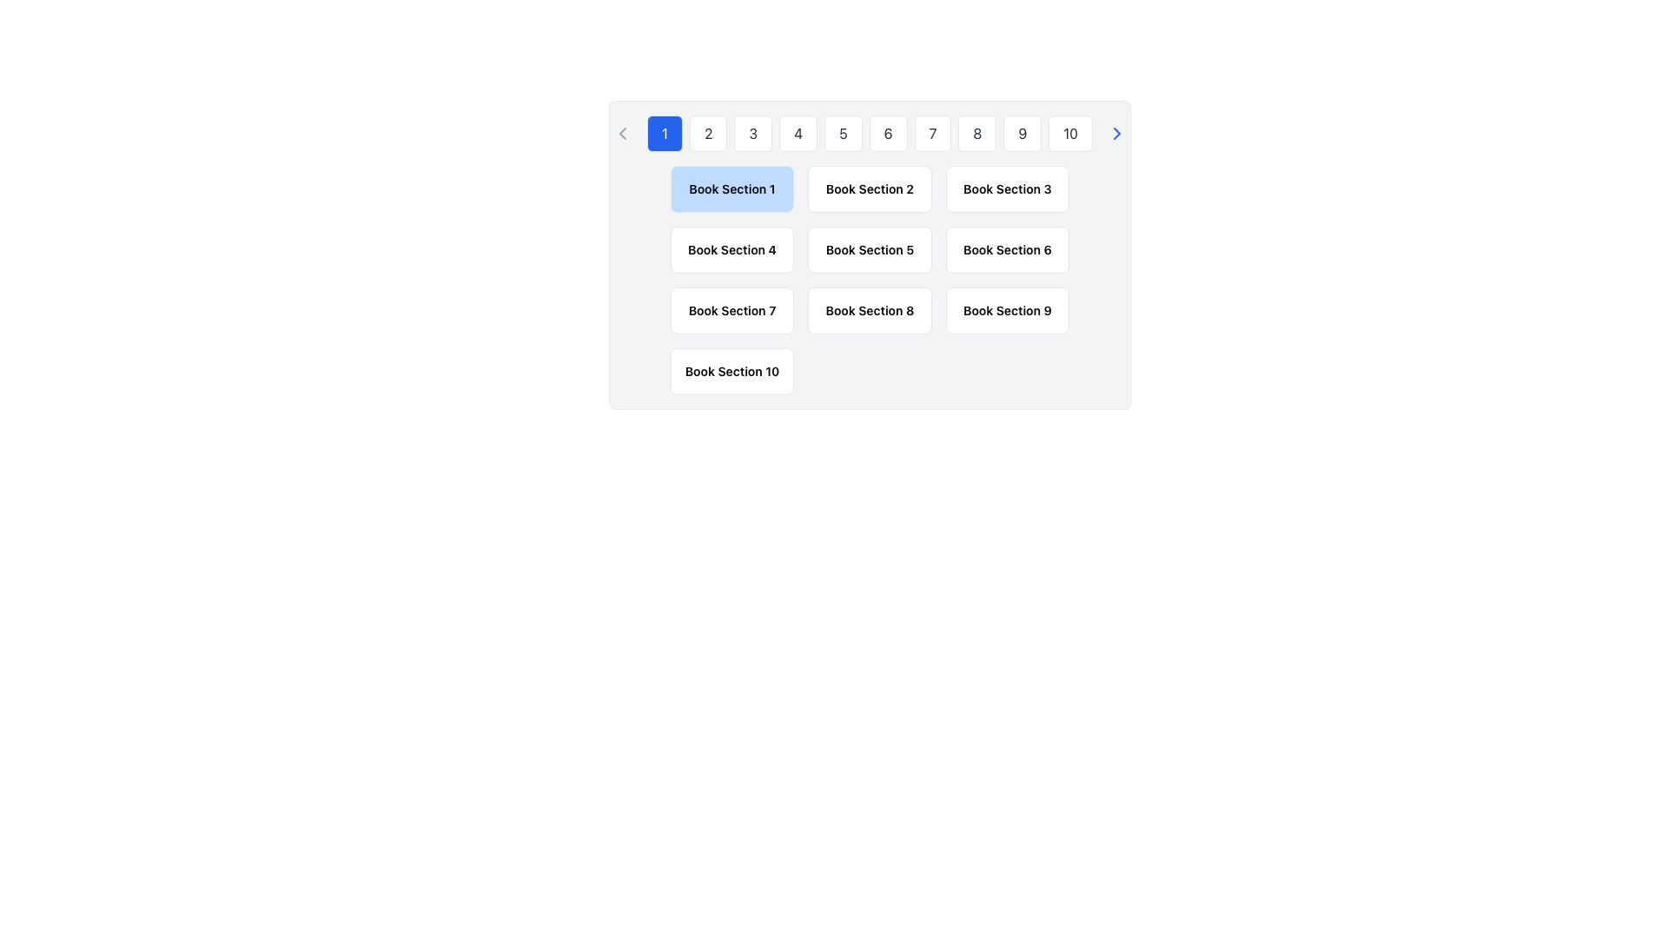 This screenshot has height=938, width=1668. What do you see at coordinates (870, 189) in the screenshot?
I see `the text label displaying 'Book Section 2' in a semi-bold font style, which is part of a grid layout and positioned in the second cell of the first row` at bounding box center [870, 189].